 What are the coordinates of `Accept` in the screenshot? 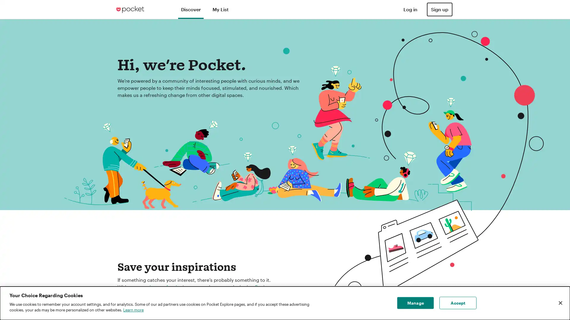 It's located at (457, 303).